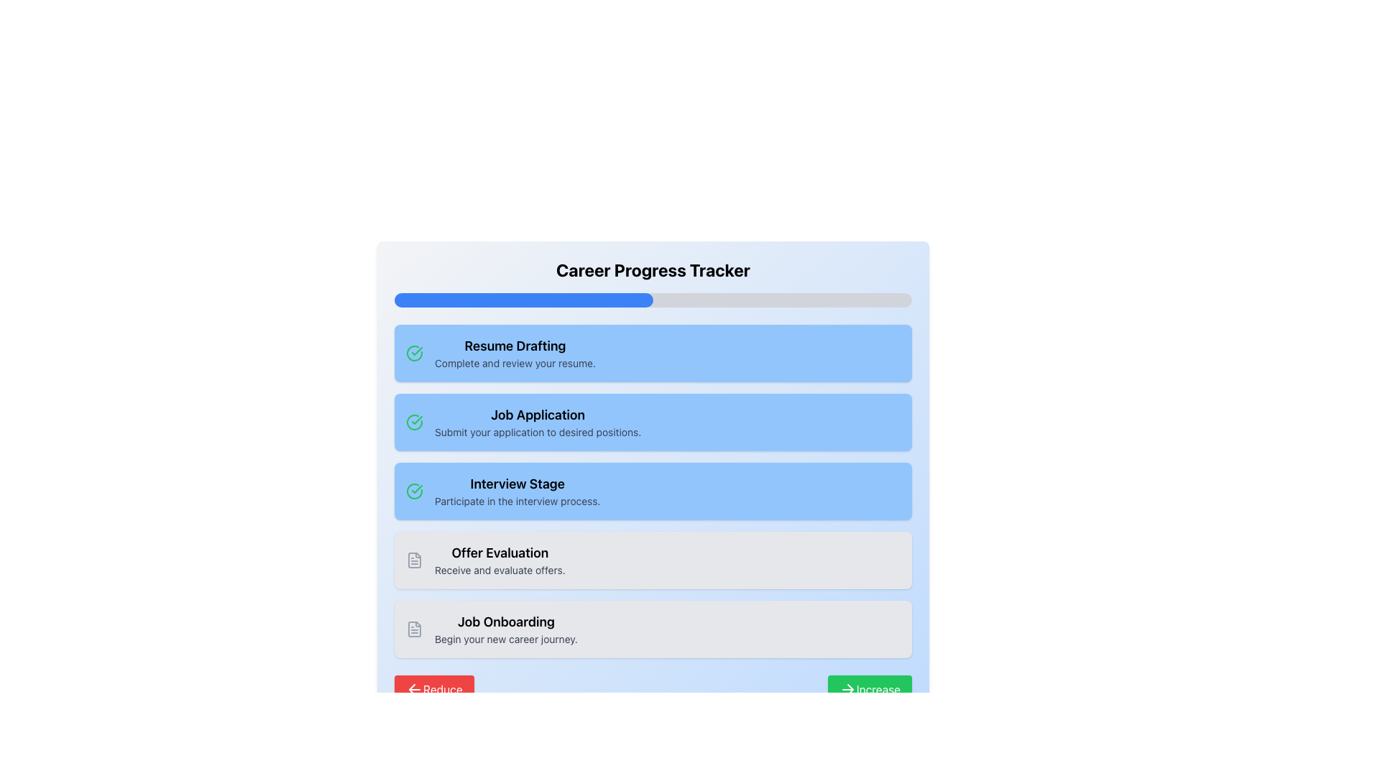  Describe the element at coordinates (500, 553) in the screenshot. I see `text from the title or header of the 'Offer Evaluation' section, which serves to identify the purpose of this section in the user interface` at that location.